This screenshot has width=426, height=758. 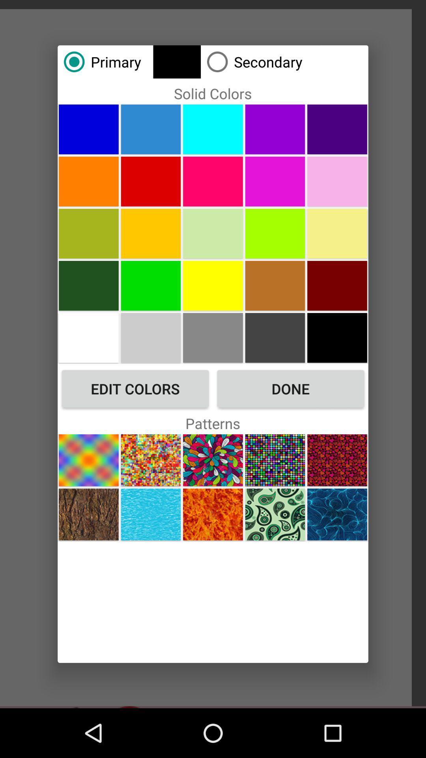 What do you see at coordinates (275, 129) in the screenshot?
I see `color` at bounding box center [275, 129].